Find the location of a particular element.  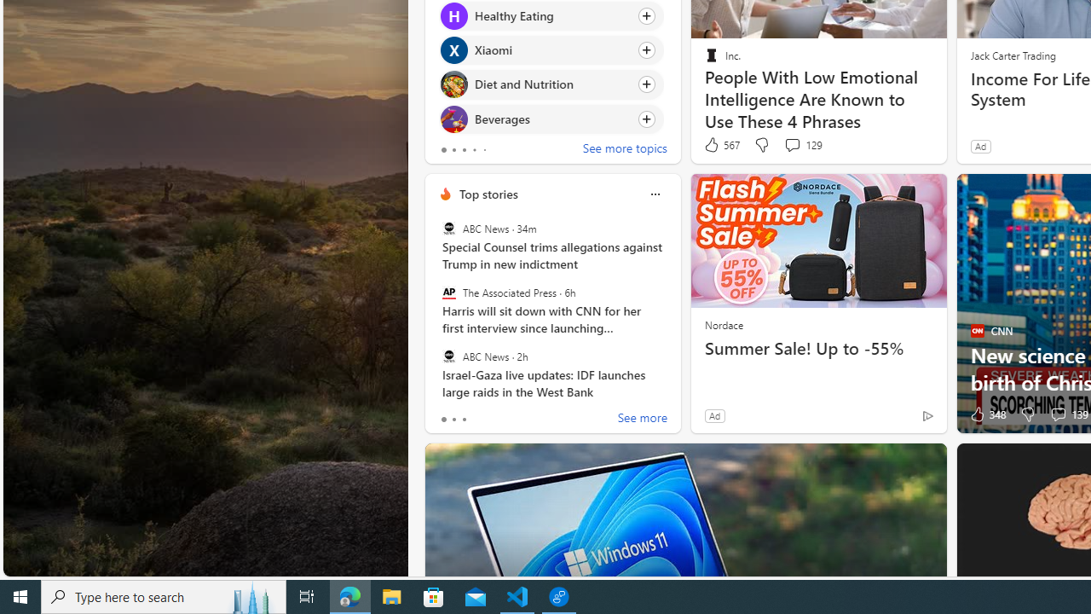

'View comments 129 Comment' is located at coordinates (791, 143).